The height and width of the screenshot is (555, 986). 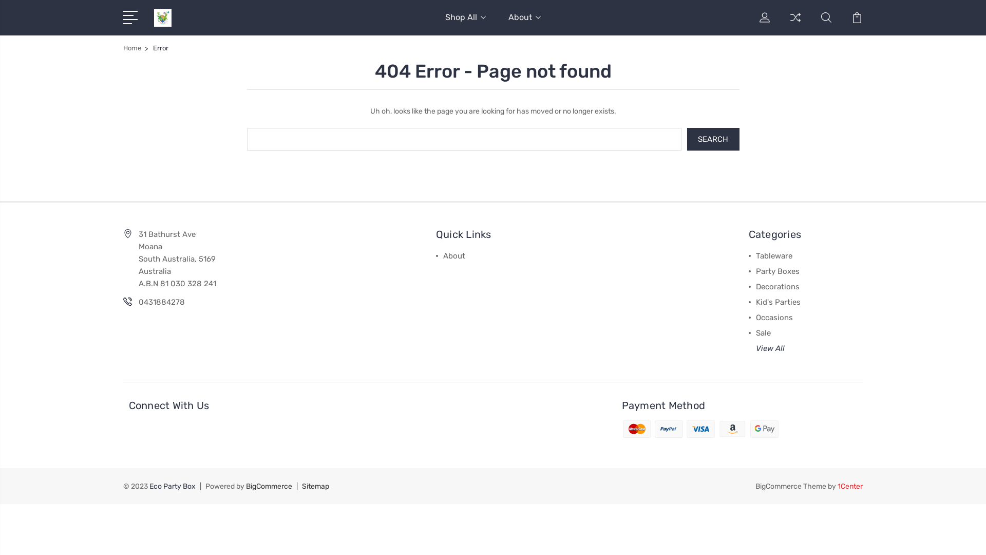 What do you see at coordinates (778, 270) in the screenshot?
I see `'Party Boxes'` at bounding box center [778, 270].